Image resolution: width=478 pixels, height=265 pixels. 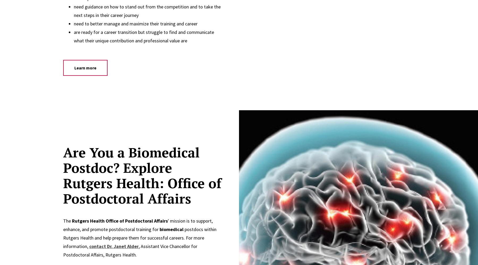 I want to click on 'biomedical', so click(x=171, y=229).